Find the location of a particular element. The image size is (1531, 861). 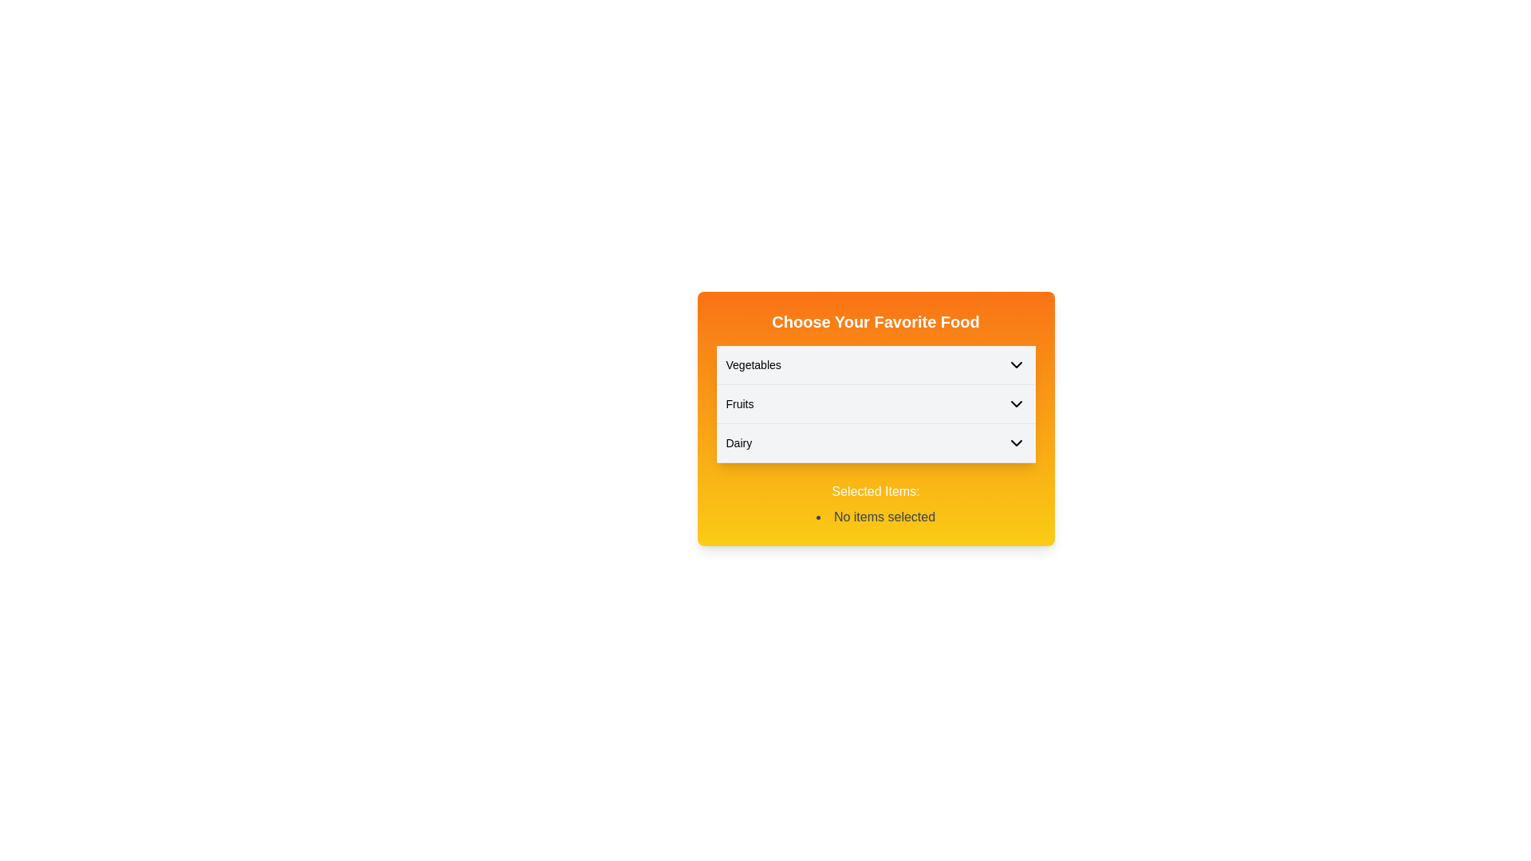

the 'Fruits' text label located in the second row of the list under 'Choose Your Favorite Food', which is positioned below 'Vegetables' and above 'Dairy' is located at coordinates (738, 403).